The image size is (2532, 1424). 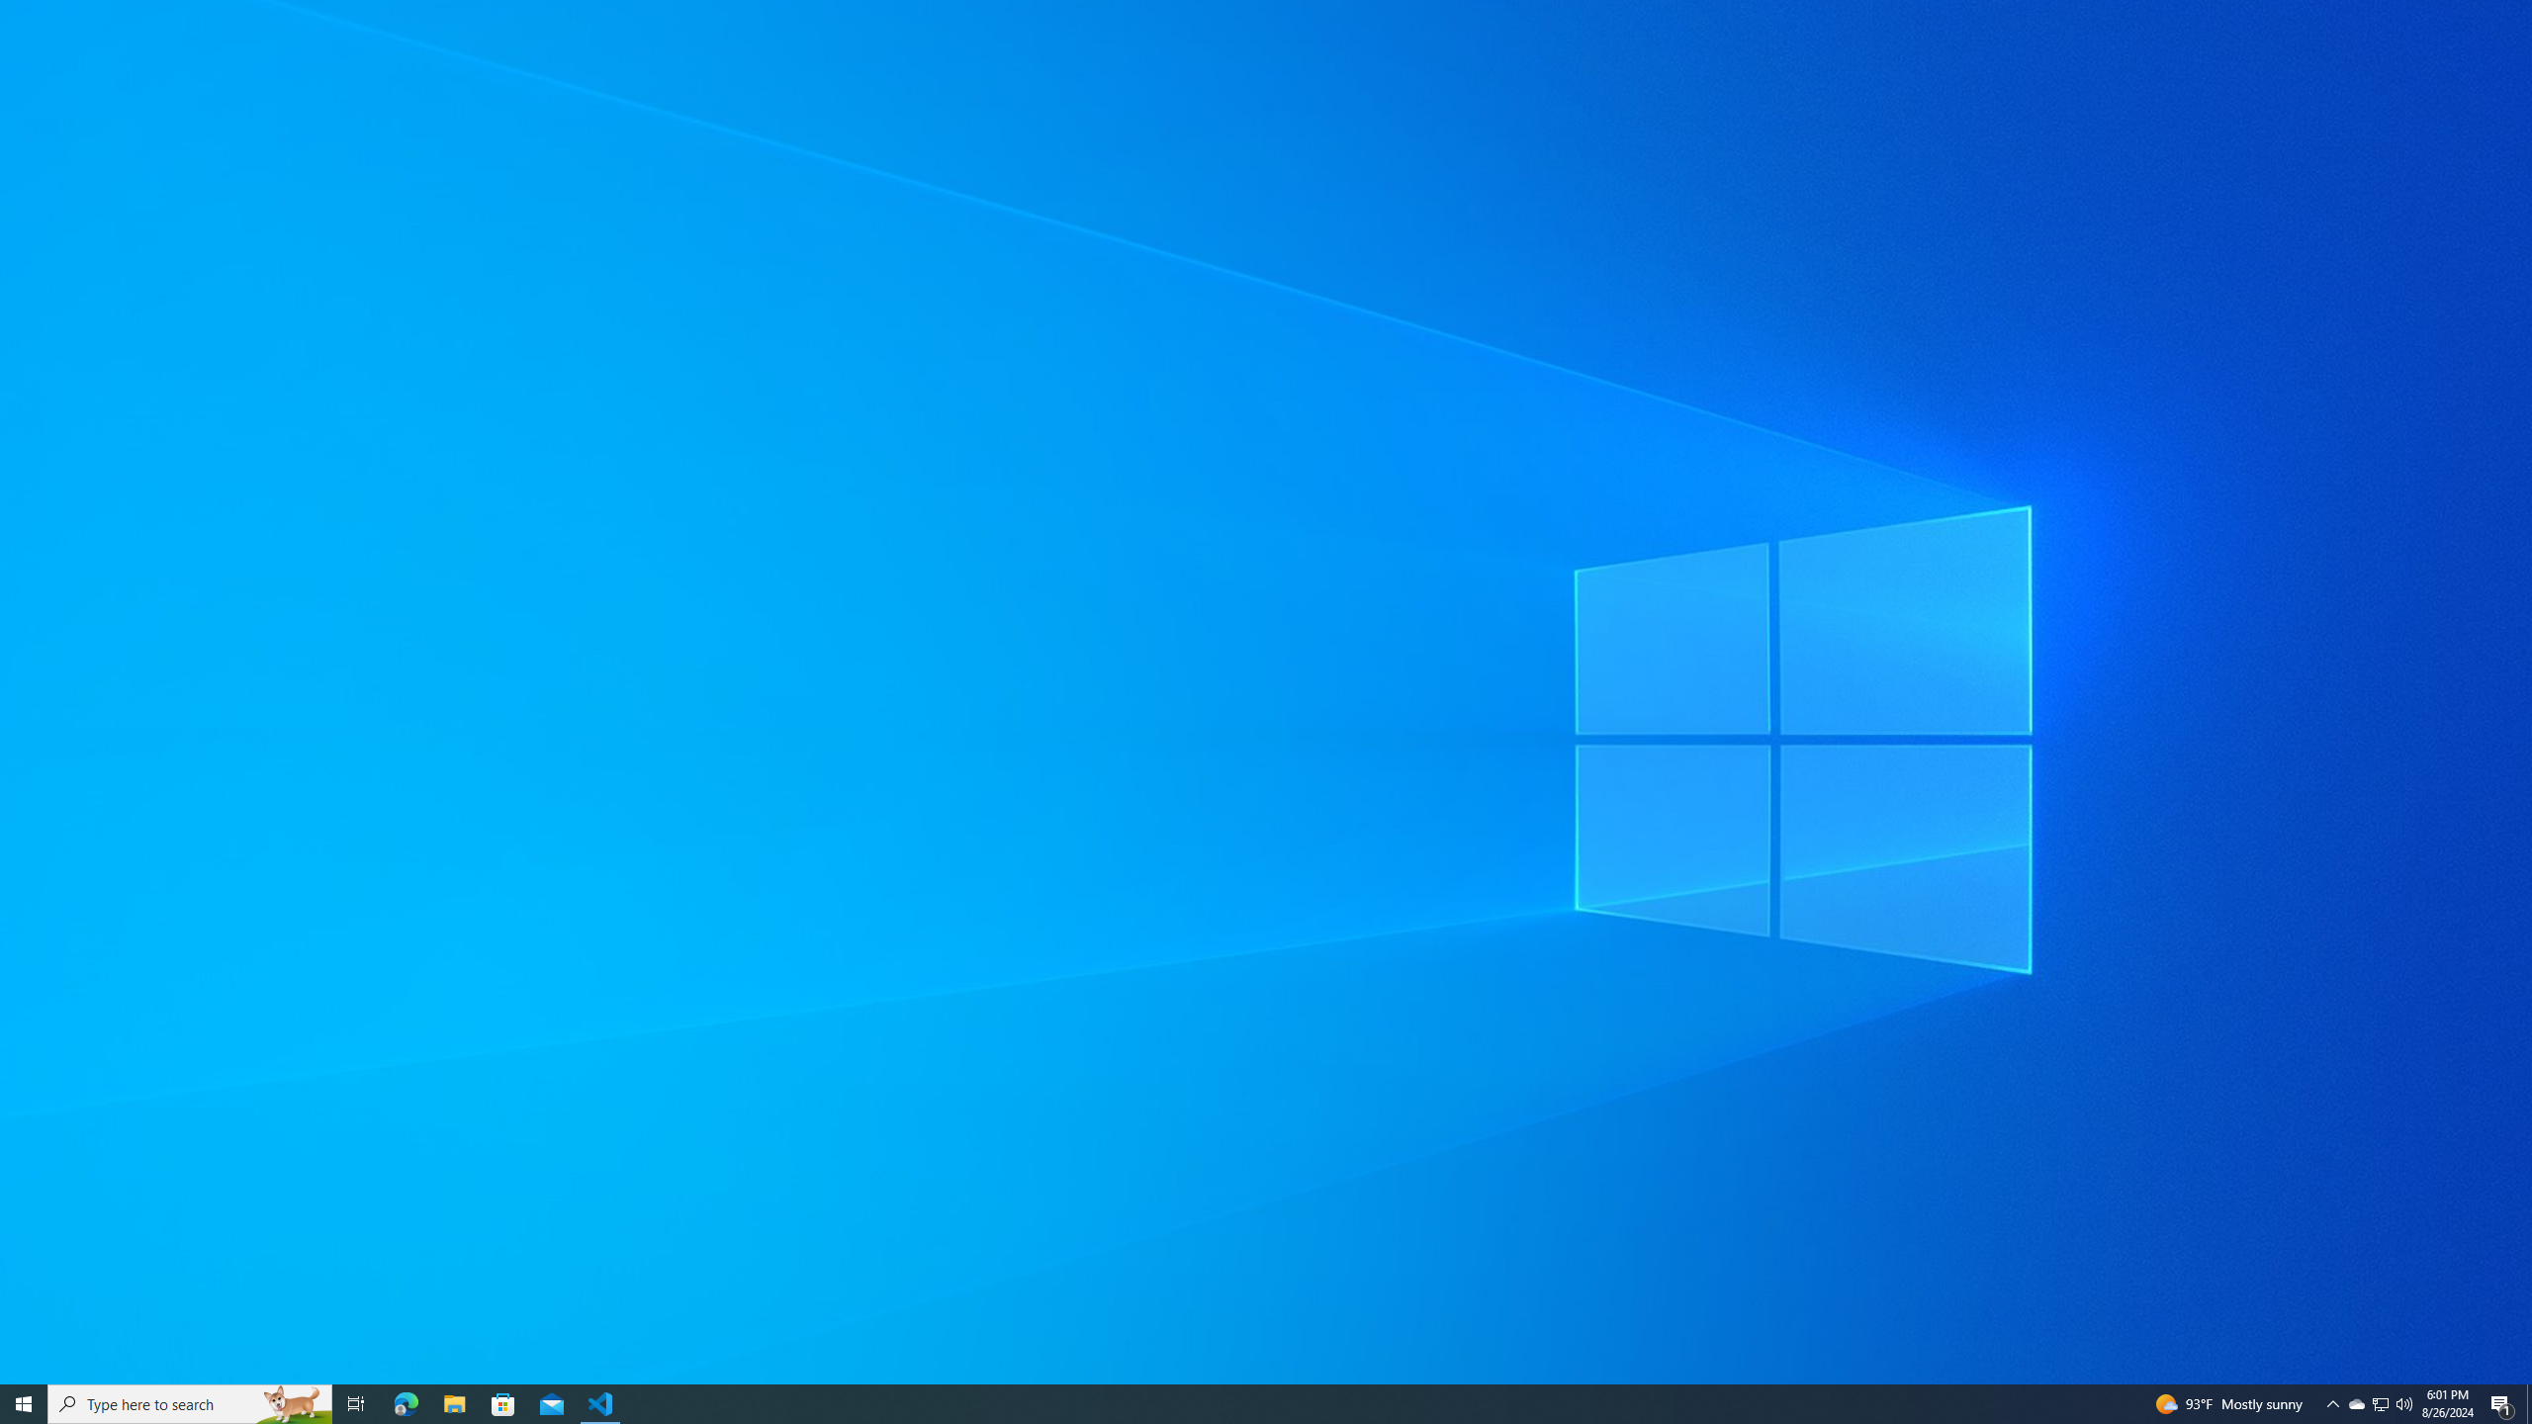 I want to click on 'Type here to search', so click(x=189, y=1402).